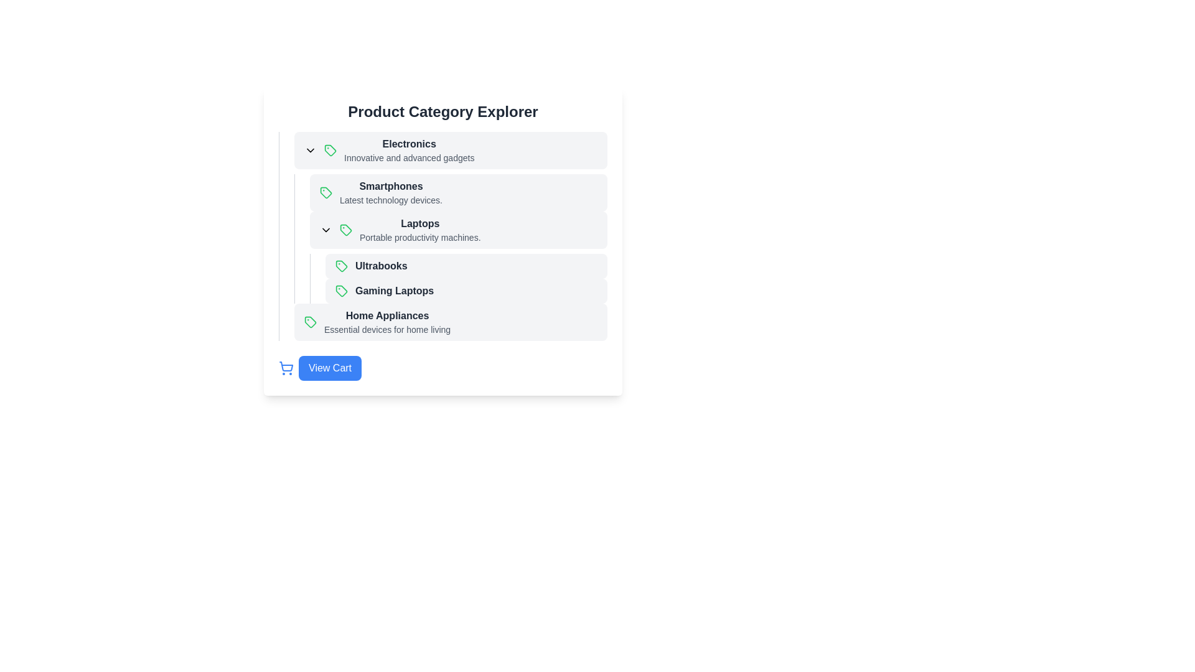 Image resolution: width=1195 pixels, height=672 pixels. I want to click on or tab to the 'Home Appliances' menu item located at the bottom of the 'Product Category Explorer' interface, so click(450, 321).